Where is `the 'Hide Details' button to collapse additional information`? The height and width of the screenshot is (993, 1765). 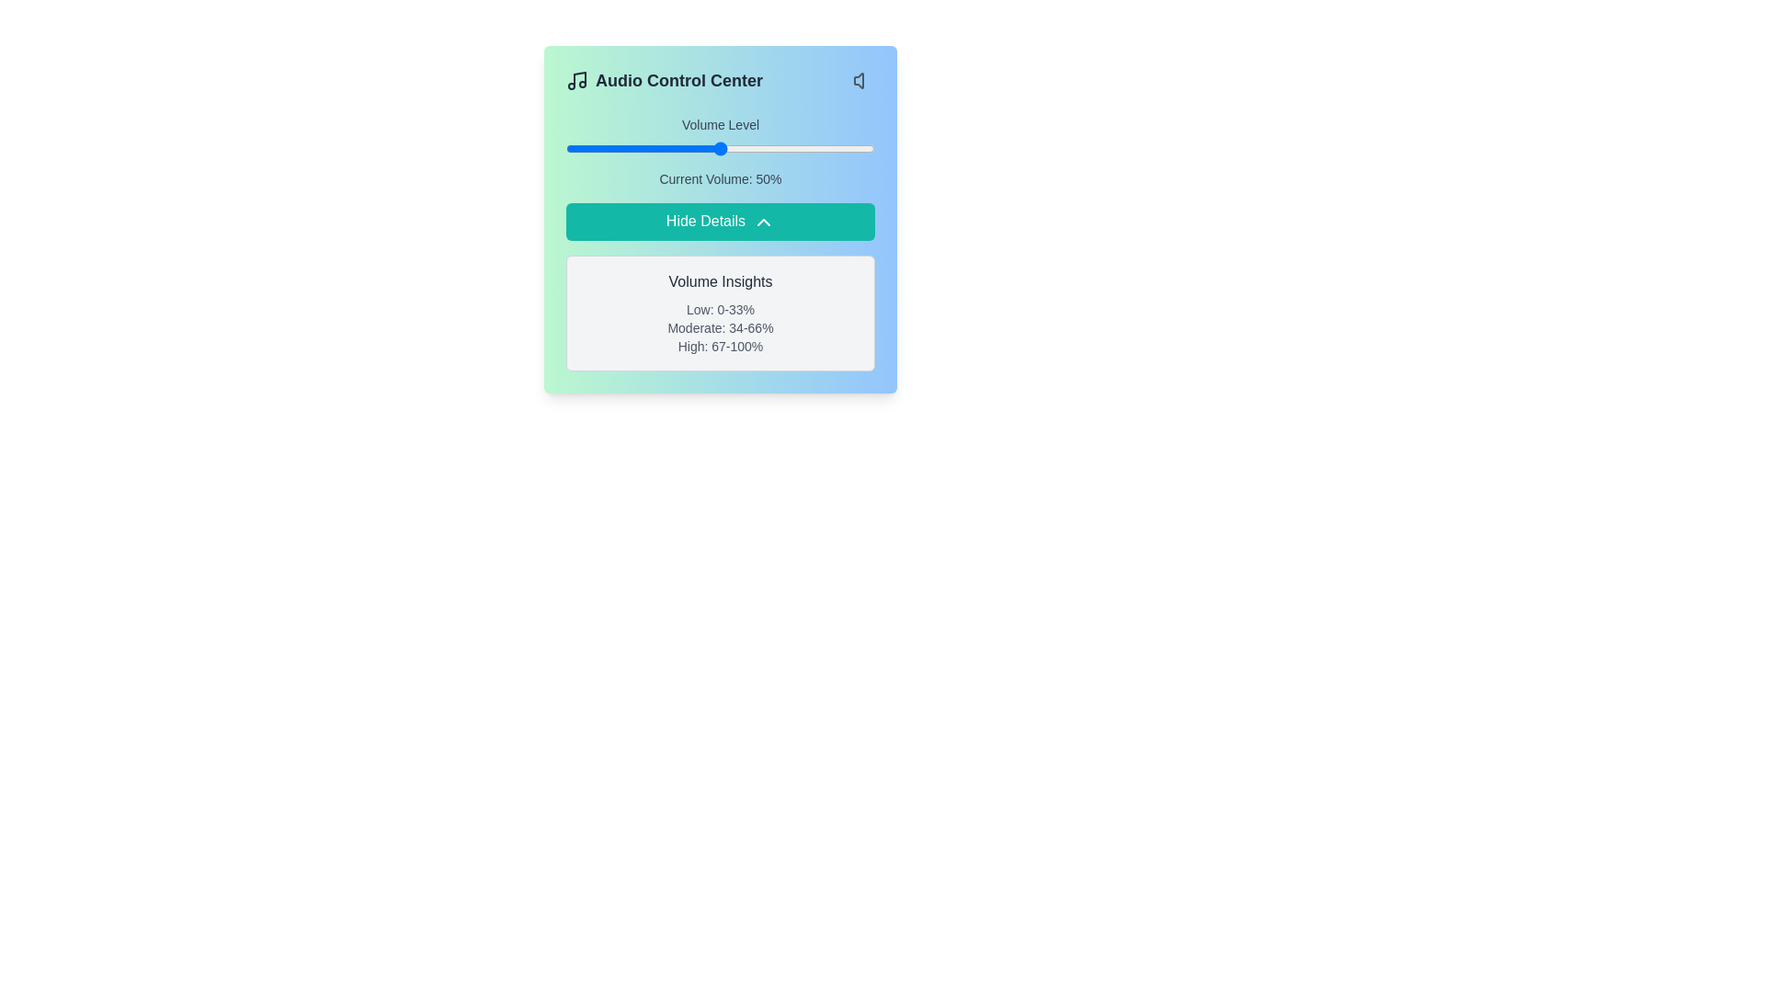 the 'Hide Details' button to collapse additional information is located at coordinates (719, 220).